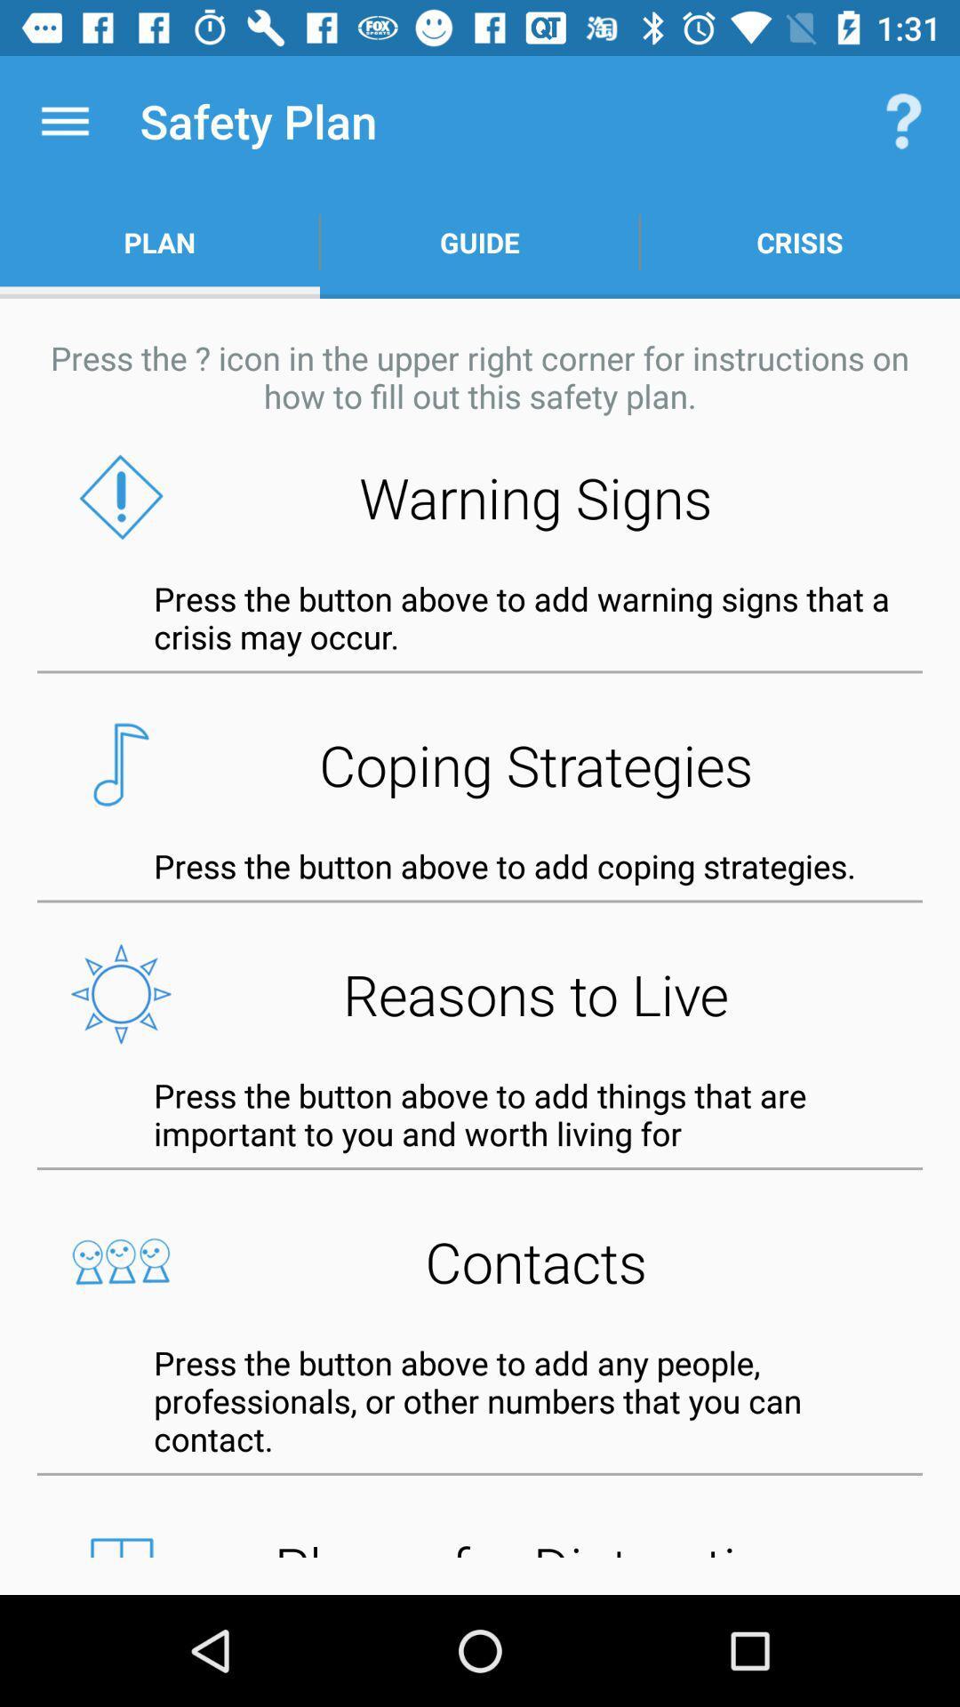 This screenshot has width=960, height=1707. What do you see at coordinates (480, 993) in the screenshot?
I see `the reasons to live button` at bounding box center [480, 993].